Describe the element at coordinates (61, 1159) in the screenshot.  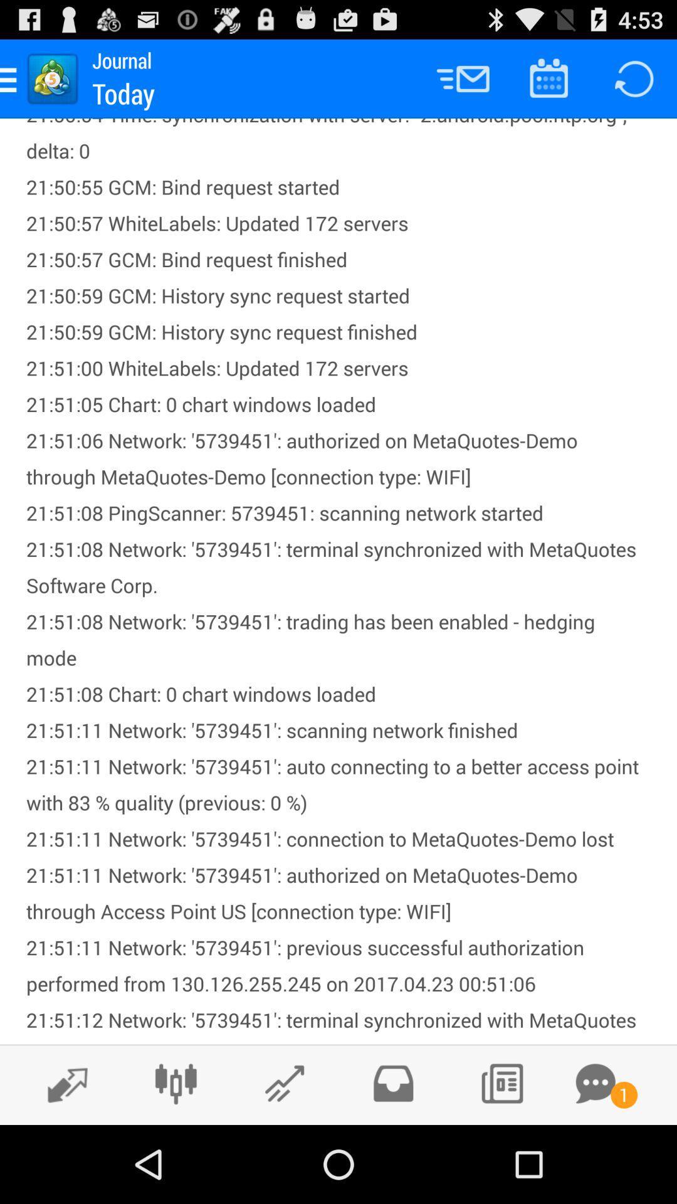
I see `the edit icon` at that location.